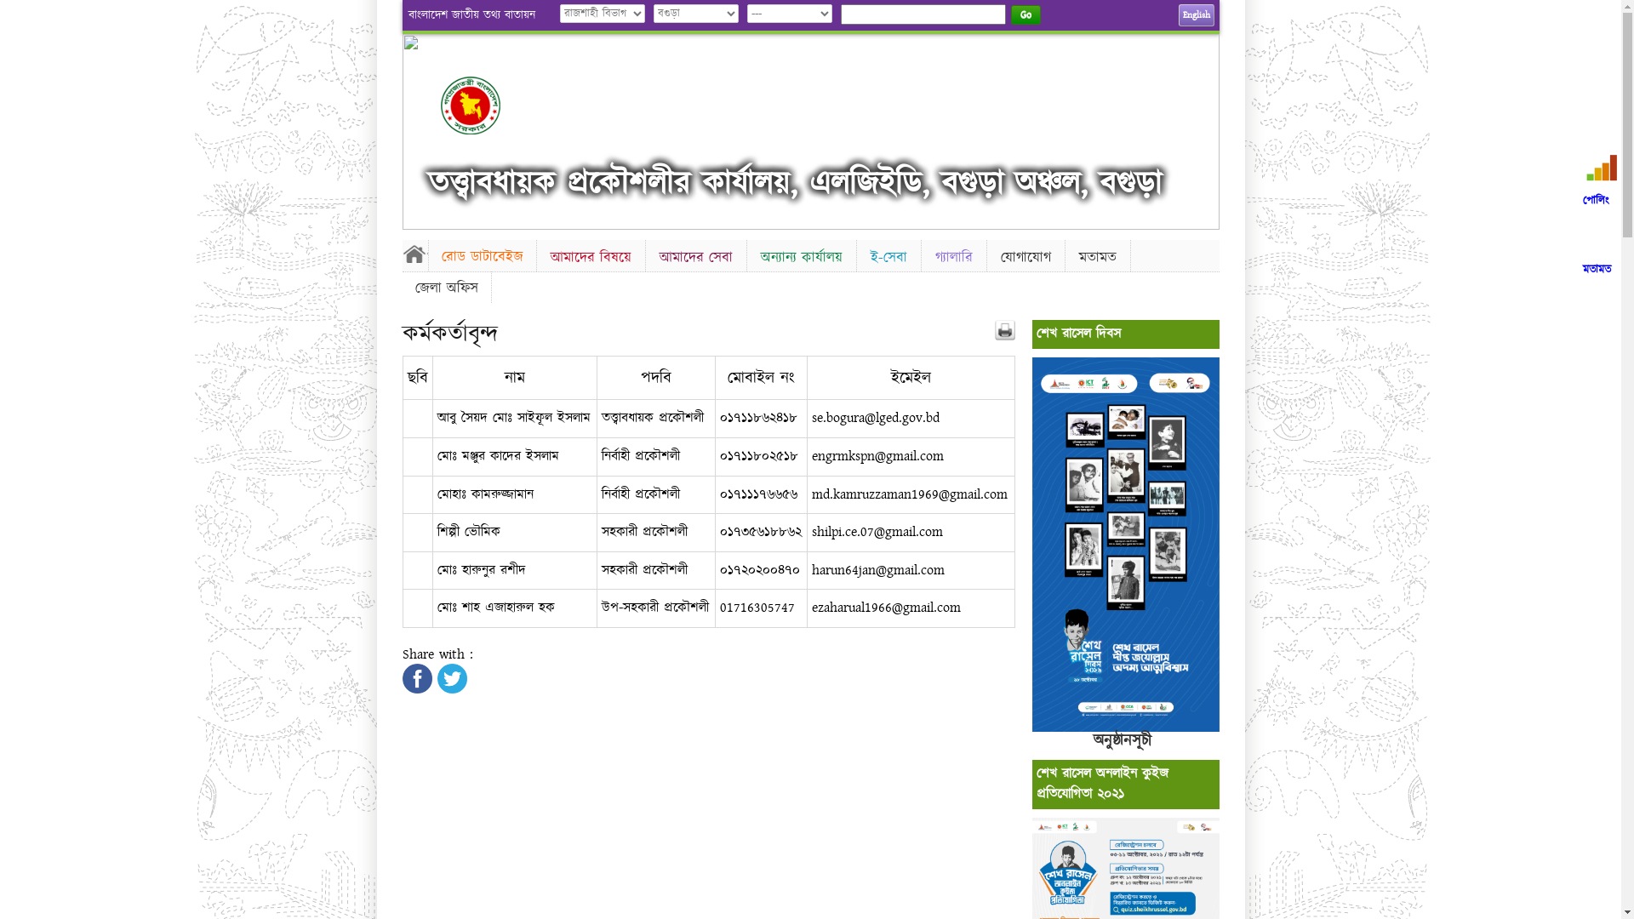 This screenshot has height=919, width=1634. What do you see at coordinates (441, 105) in the screenshot?
I see `'Home'` at bounding box center [441, 105].